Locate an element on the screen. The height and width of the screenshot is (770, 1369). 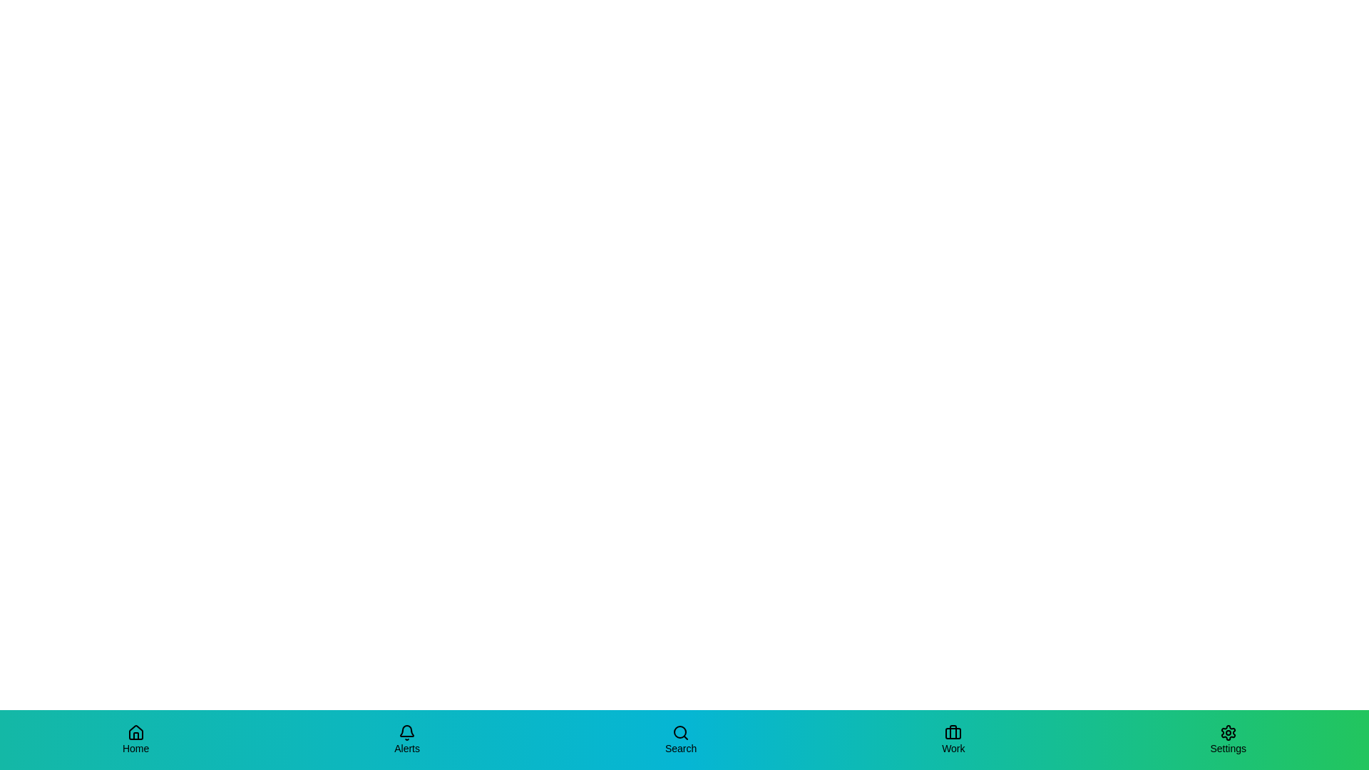
the Work tab to observe the scale effect is located at coordinates (953, 739).